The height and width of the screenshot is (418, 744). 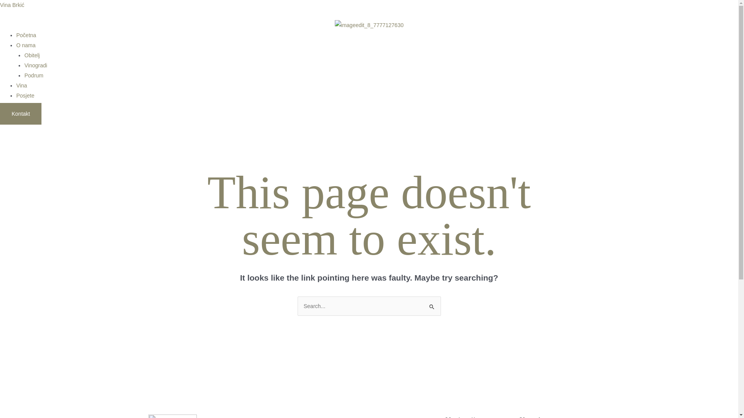 I want to click on 'Search', so click(x=431, y=304).